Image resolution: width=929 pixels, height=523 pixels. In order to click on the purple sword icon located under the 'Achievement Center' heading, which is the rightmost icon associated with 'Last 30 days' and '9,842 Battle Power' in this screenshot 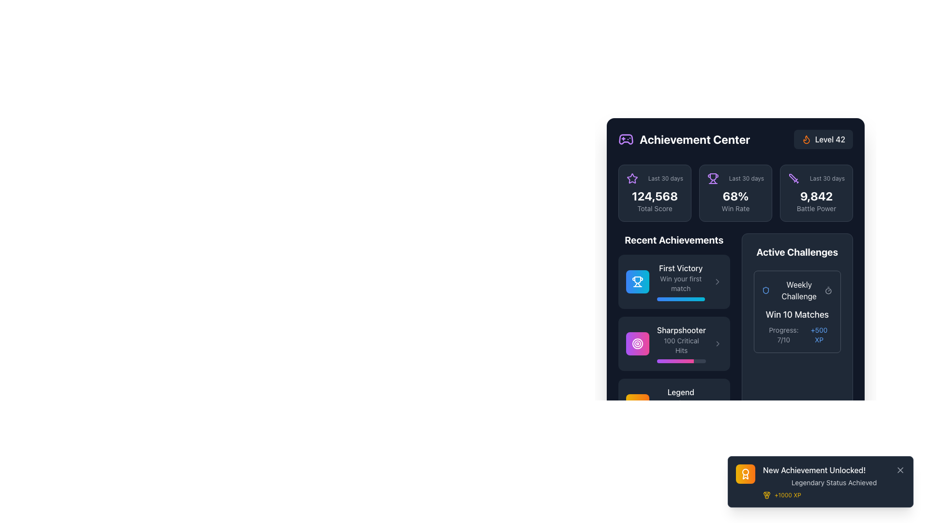, I will do `click(794, 179)`.